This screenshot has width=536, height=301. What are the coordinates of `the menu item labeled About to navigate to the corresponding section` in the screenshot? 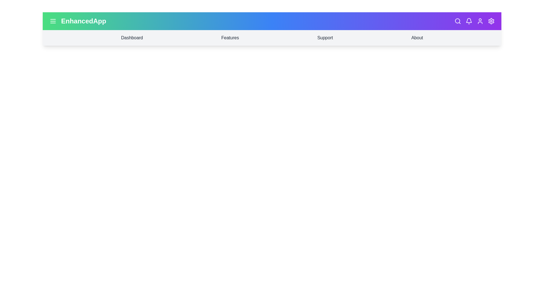 It's located at (417, 38).